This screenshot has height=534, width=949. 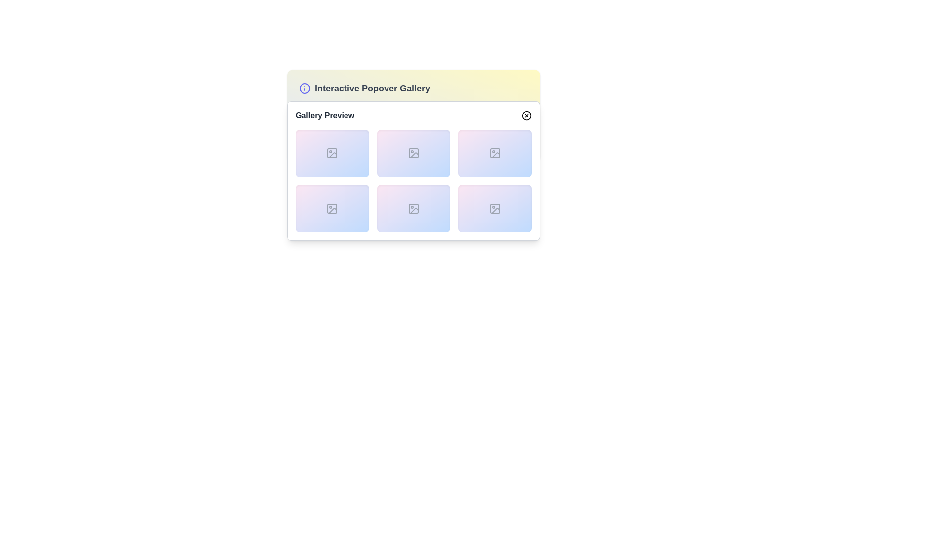 I want to click on the decorative box within the second placeholder image in the top row of the gallery grid in the popover gallery interface, so click(x=413, y=153).